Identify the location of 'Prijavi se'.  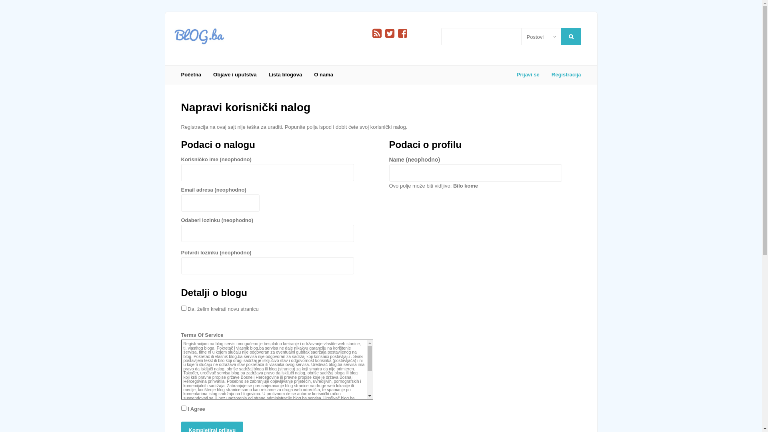
(510, 74).